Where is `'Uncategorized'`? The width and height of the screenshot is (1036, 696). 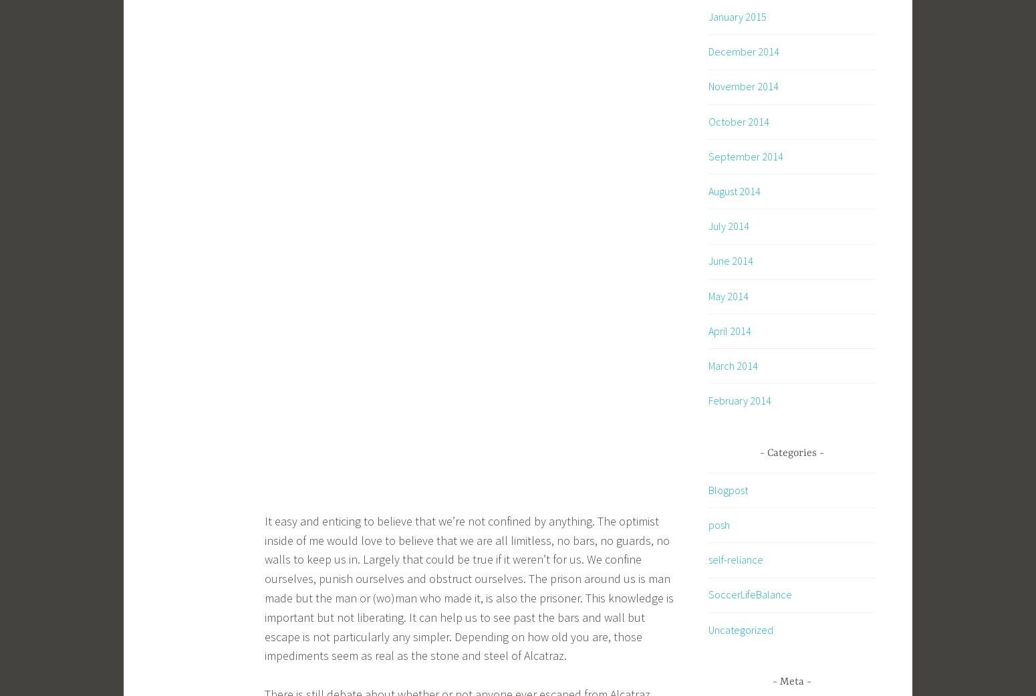 'Uncategorized' is located at coordinates (740, 628).